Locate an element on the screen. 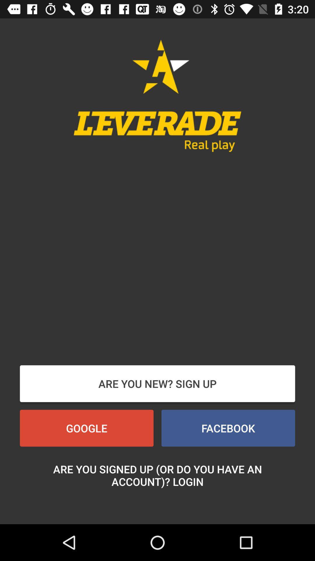 The width and height of the screenshot is (315, 561). icon to the left of facebook item is located at coordinates (87, 428).